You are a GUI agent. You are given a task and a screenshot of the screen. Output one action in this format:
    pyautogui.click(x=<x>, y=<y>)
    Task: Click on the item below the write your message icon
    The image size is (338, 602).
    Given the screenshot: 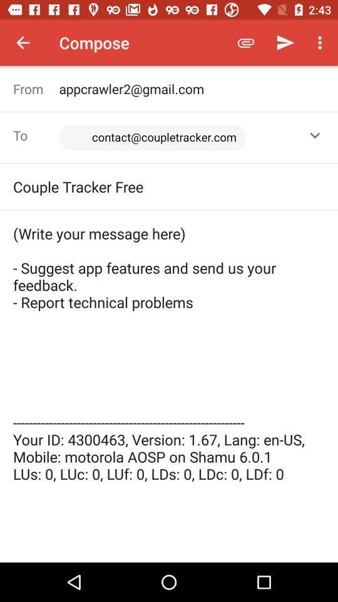 What is the action you would take?
    pyautogui.click(x=169, y=529)
    